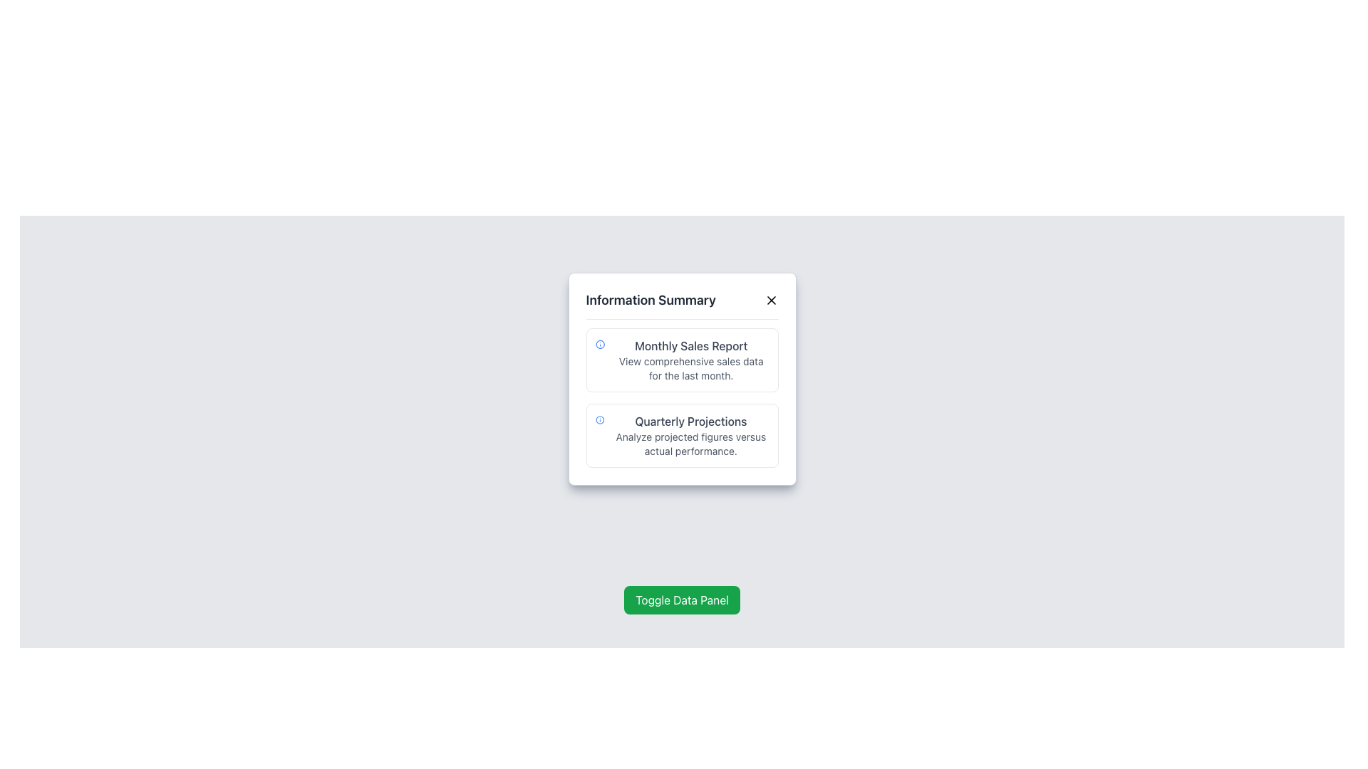  What do you see at coordinates (681, 435) in the screenshot?
I see `the second Summary card titled 'Quarterly Projections' located beneath the 'Monthly Sales Report' in the 'Information Summary' section to observe the hover effects` at bounding box center [681, 435].